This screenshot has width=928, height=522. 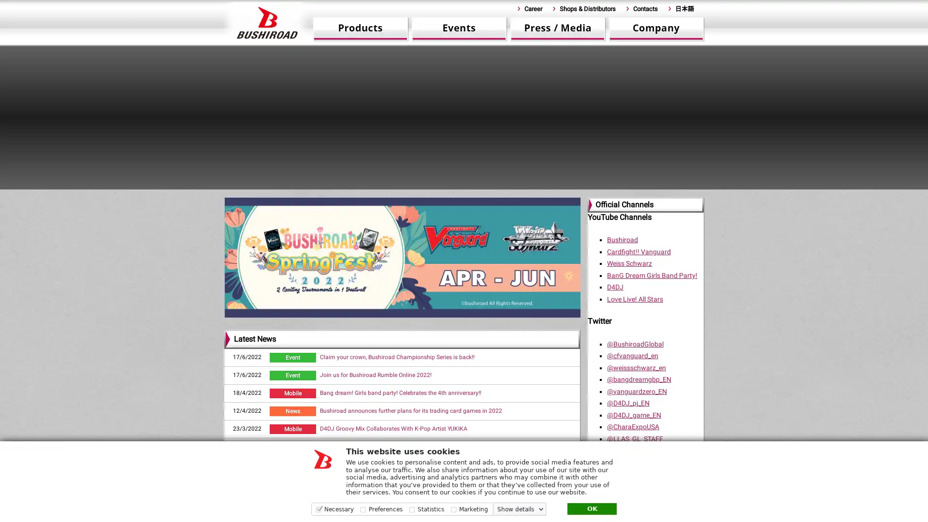 I want to click on 12, so click(x=514, y=186).